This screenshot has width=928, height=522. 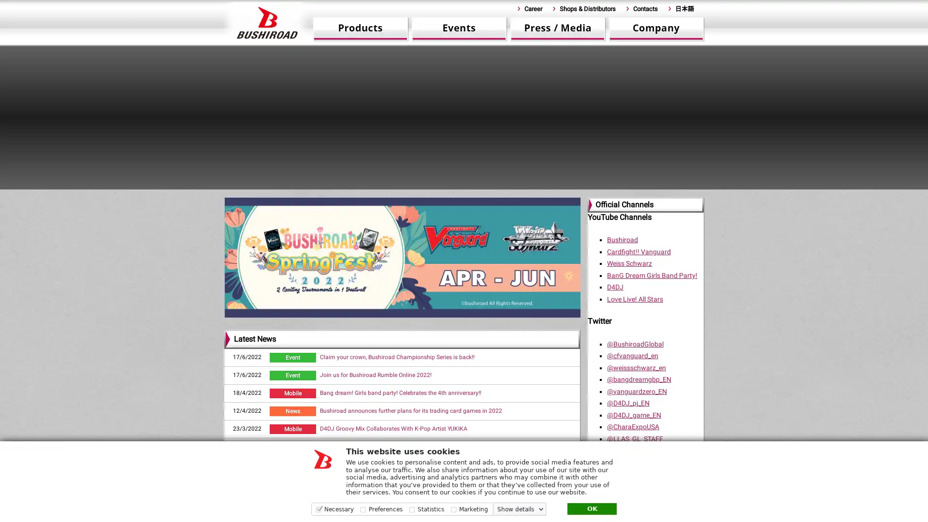 I want to click on 12, so click(x=514, y=186).